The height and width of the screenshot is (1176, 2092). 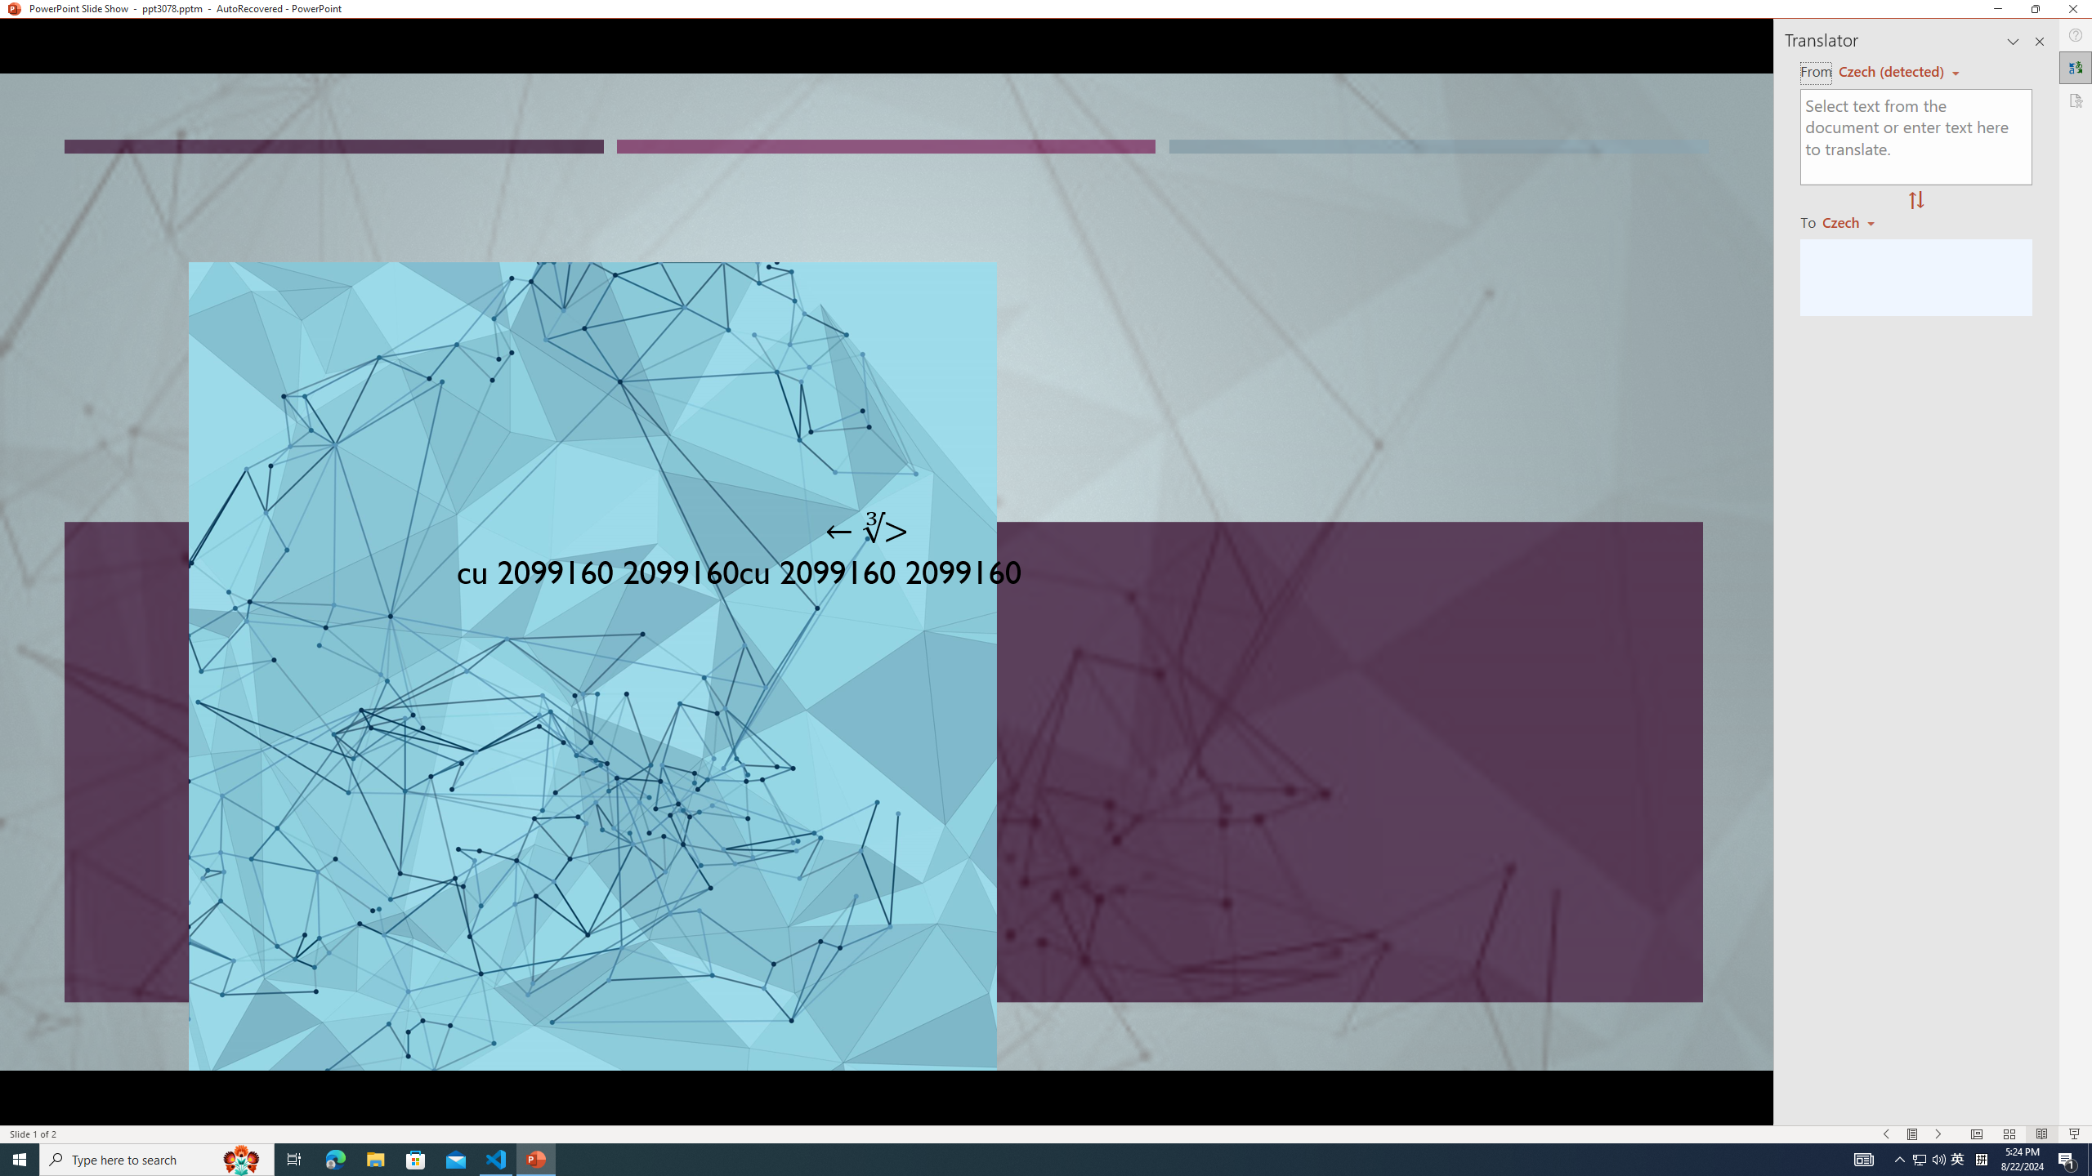 What do you see at coordinates (1892, 72) in the screenshot?
I see `'Czech (detected)'` at bounding box center [1892, 72].